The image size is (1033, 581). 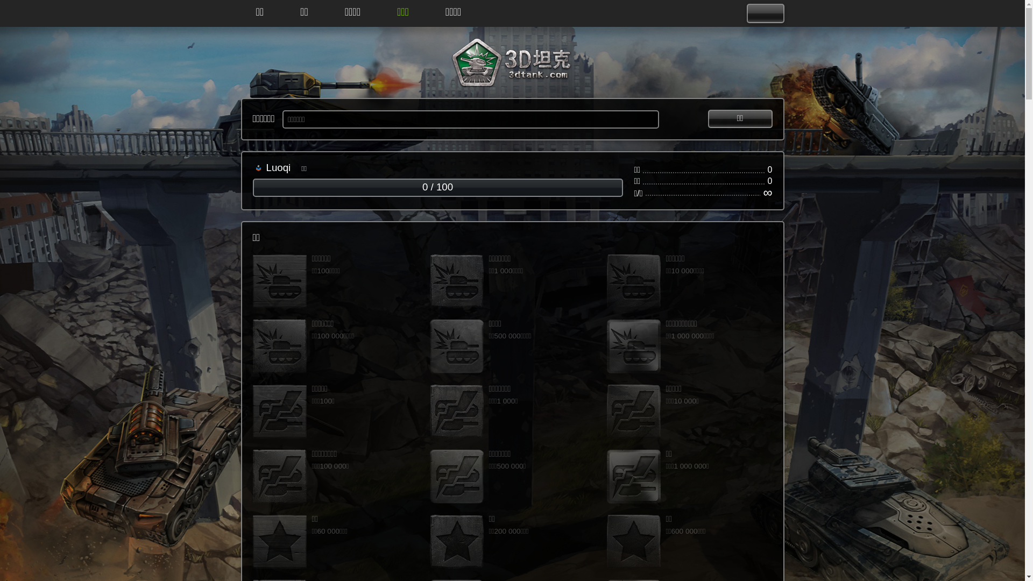 What do you see at coordinates (278, 167) in the screenshot?
I see `'Luoqi'` at bounding box center [278, 167].